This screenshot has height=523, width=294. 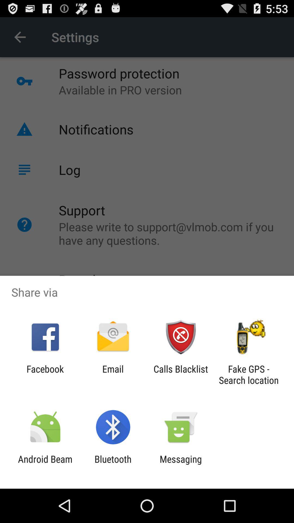 What do you see at coordinates (113, 374) in the screenshot?
I see `the app next to facebook item` at bounding box center [113, 374].